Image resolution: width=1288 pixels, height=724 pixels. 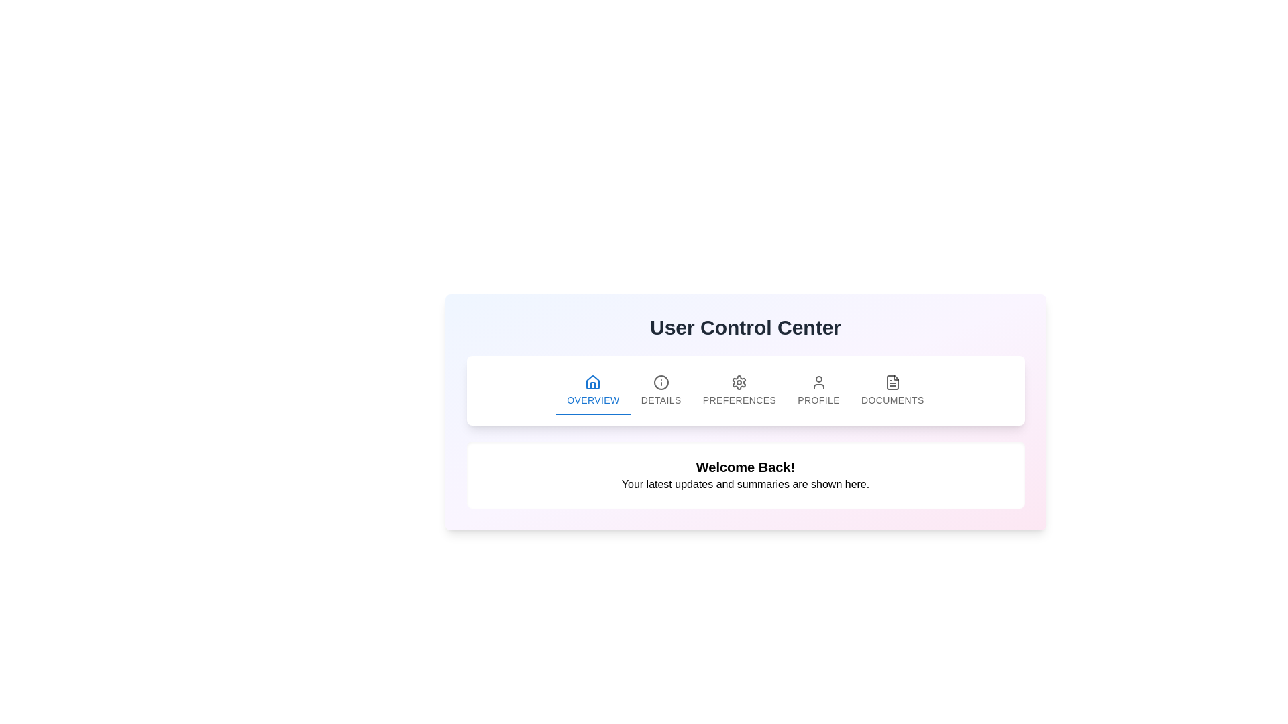 What do you see at coordinates (745, 390) in the screenshot?
I see `the tab in the Navigation bar located below the 'User Control Center' title` at bounding box center [745, 390].